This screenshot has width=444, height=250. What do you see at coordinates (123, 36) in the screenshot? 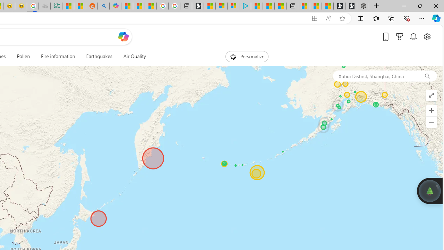
I see `'Open Copilot'` at bounding box center [123, 36].